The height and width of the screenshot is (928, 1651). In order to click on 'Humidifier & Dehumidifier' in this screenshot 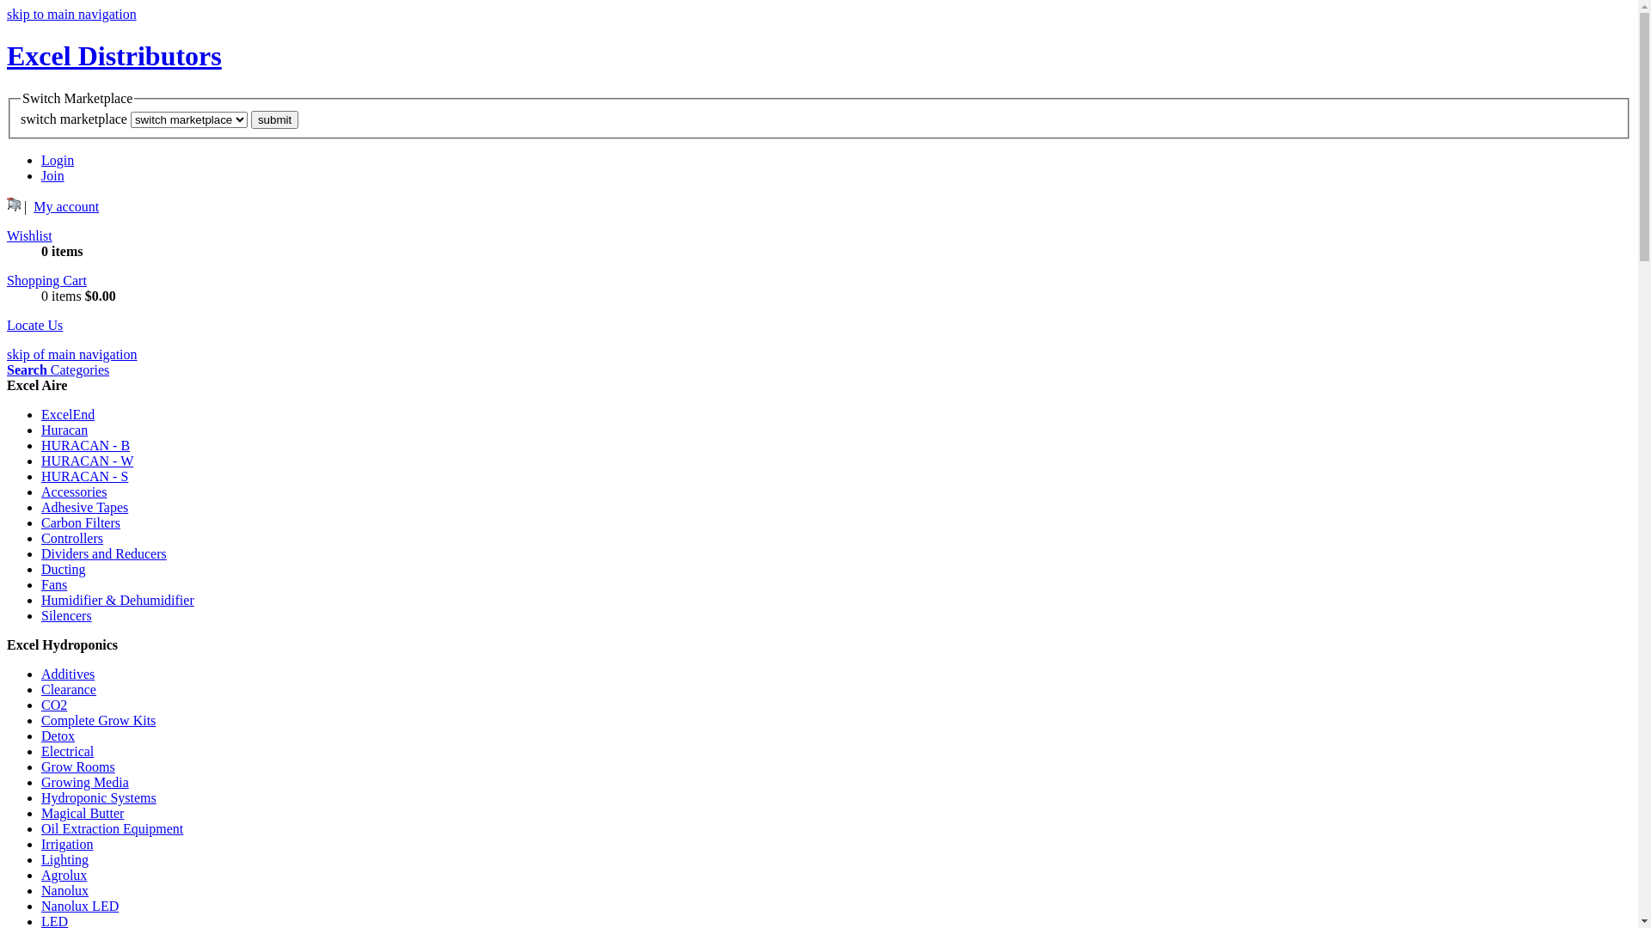, I will do `click(117, 599)`.